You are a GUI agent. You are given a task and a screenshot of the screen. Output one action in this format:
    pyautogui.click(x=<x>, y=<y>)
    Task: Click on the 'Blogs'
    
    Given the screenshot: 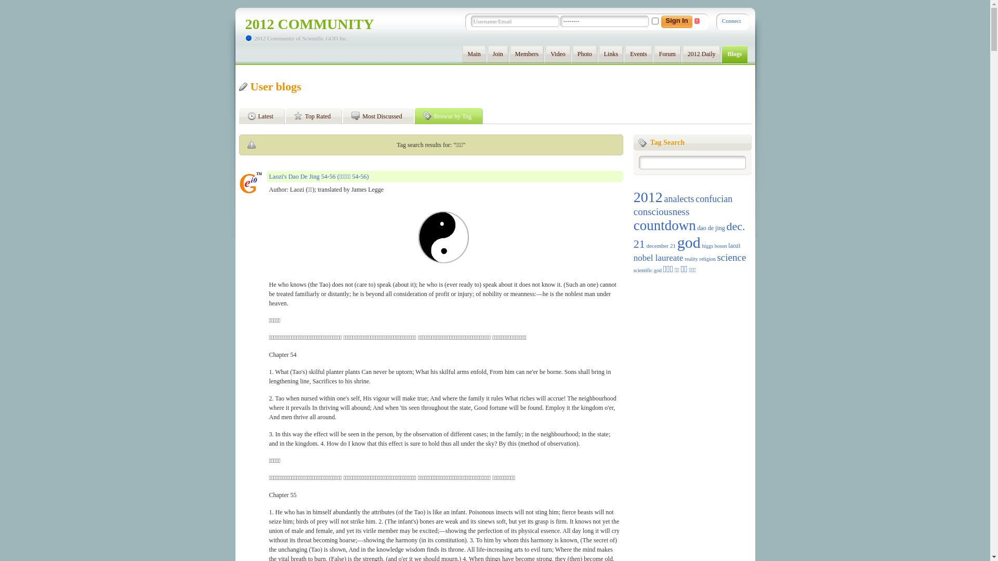 What is the action you would take?
    pyautogui.click(x=733, y=54)
    